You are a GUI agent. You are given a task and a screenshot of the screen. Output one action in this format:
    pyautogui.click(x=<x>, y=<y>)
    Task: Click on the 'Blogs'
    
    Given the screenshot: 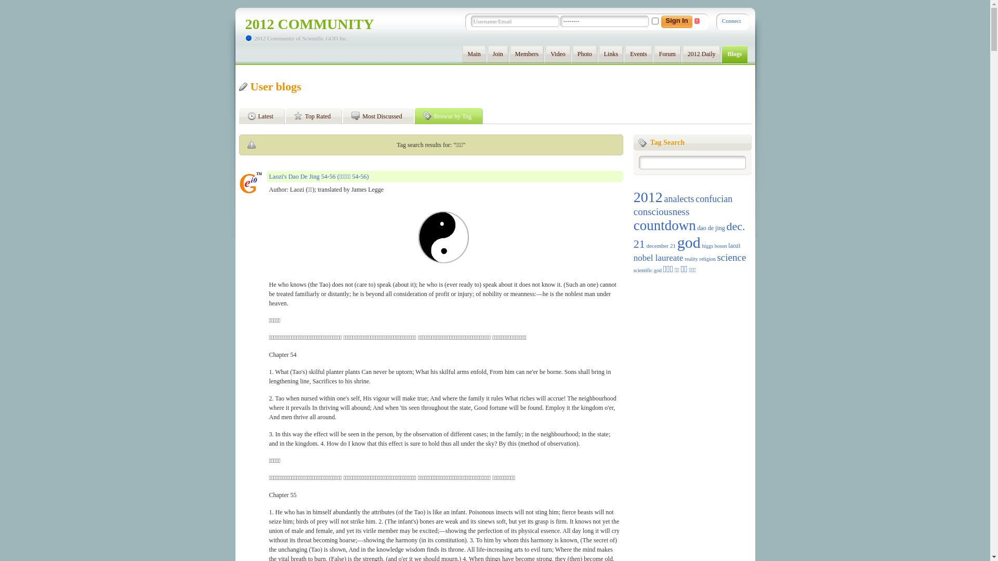 What is the action you would take?
    pyautogui.click(x=733, y=54)
    